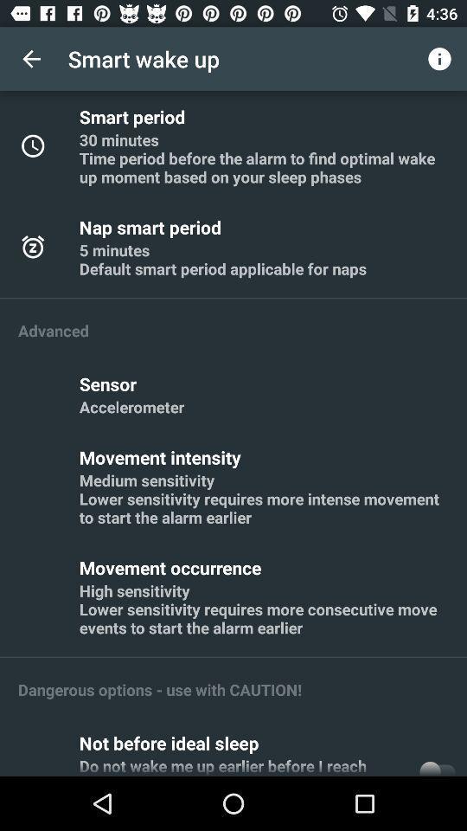 Image resolution: width=467 pixels, height=831 pixels. Describe the element at coordinates (160, 689) in the screenshot. I see `the icon above not before ideal` at that location.